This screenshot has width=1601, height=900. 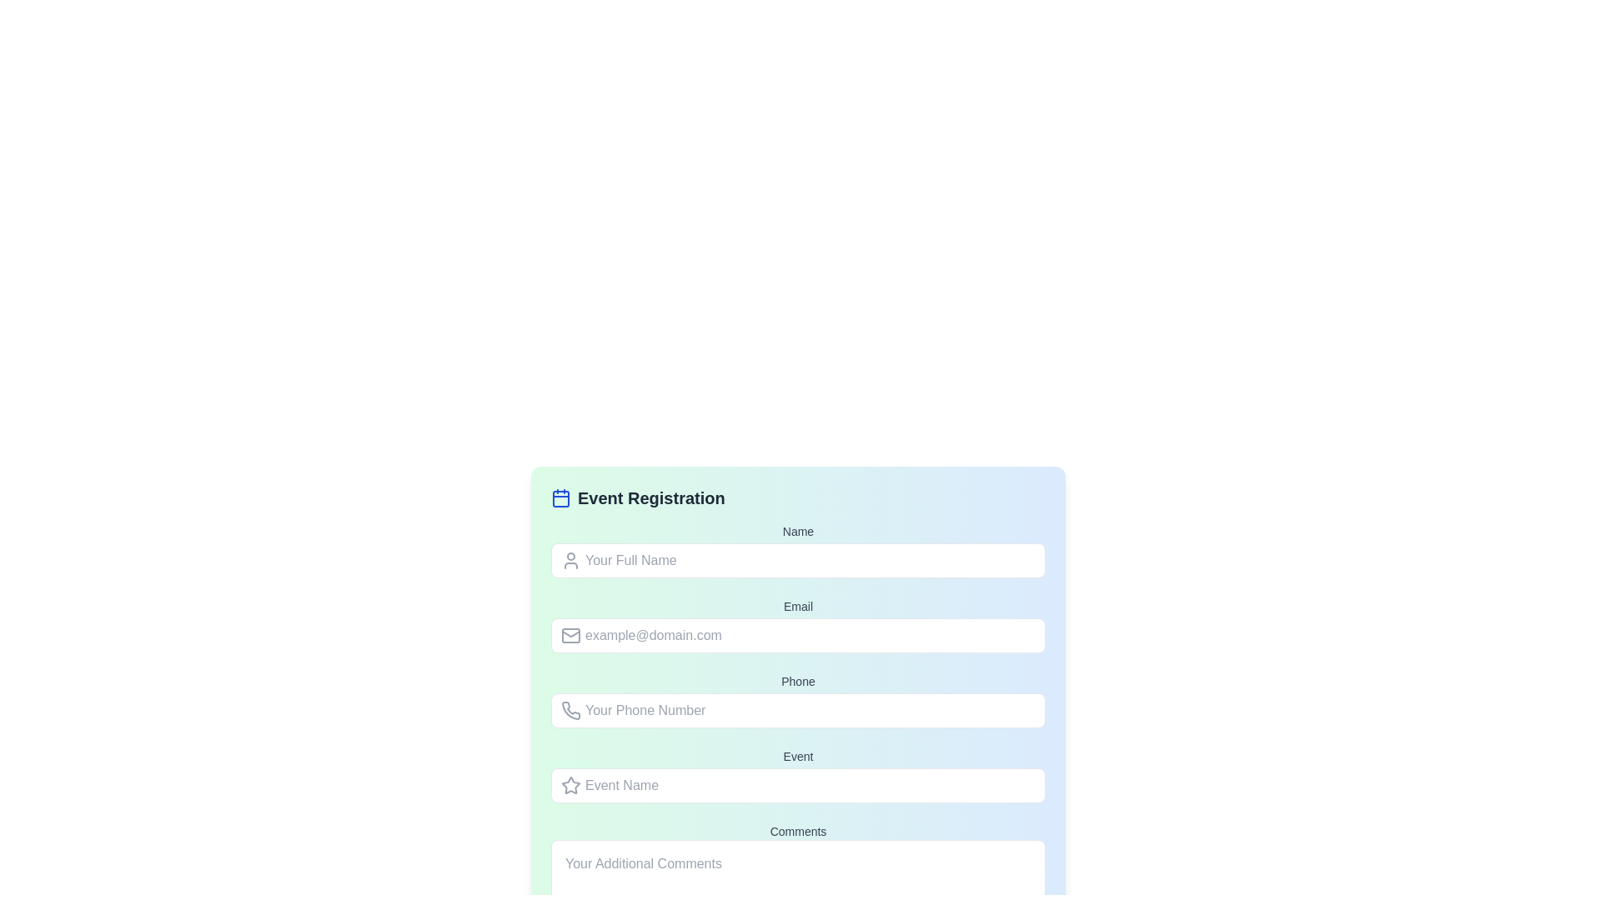 What do you see at coordinates (571, 785) in the screenshot?
I see `the gray star icon located to the left of the 'Event Name' input field, which is styled delicately and polished` at bounding box center [571, 785].